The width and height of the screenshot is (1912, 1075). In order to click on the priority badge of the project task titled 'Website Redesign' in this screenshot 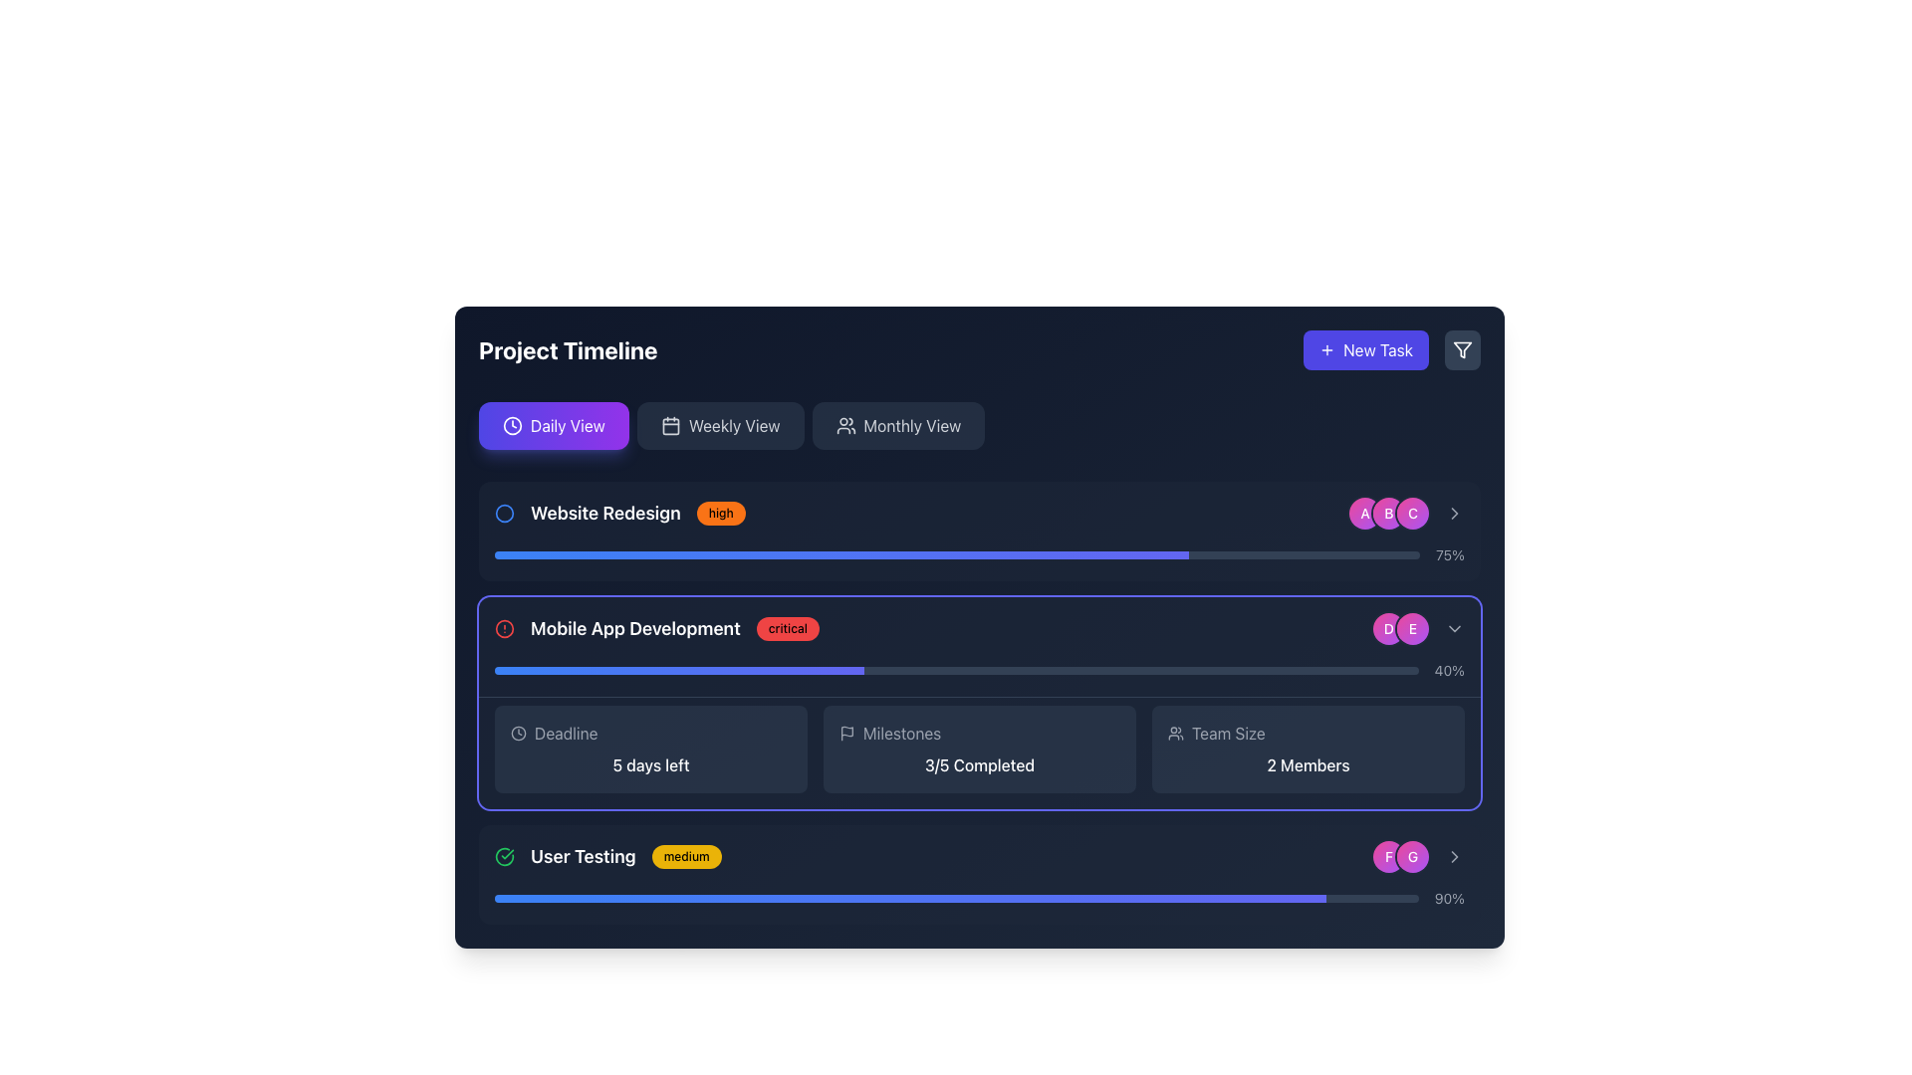, I will do `click(618, 513)`.